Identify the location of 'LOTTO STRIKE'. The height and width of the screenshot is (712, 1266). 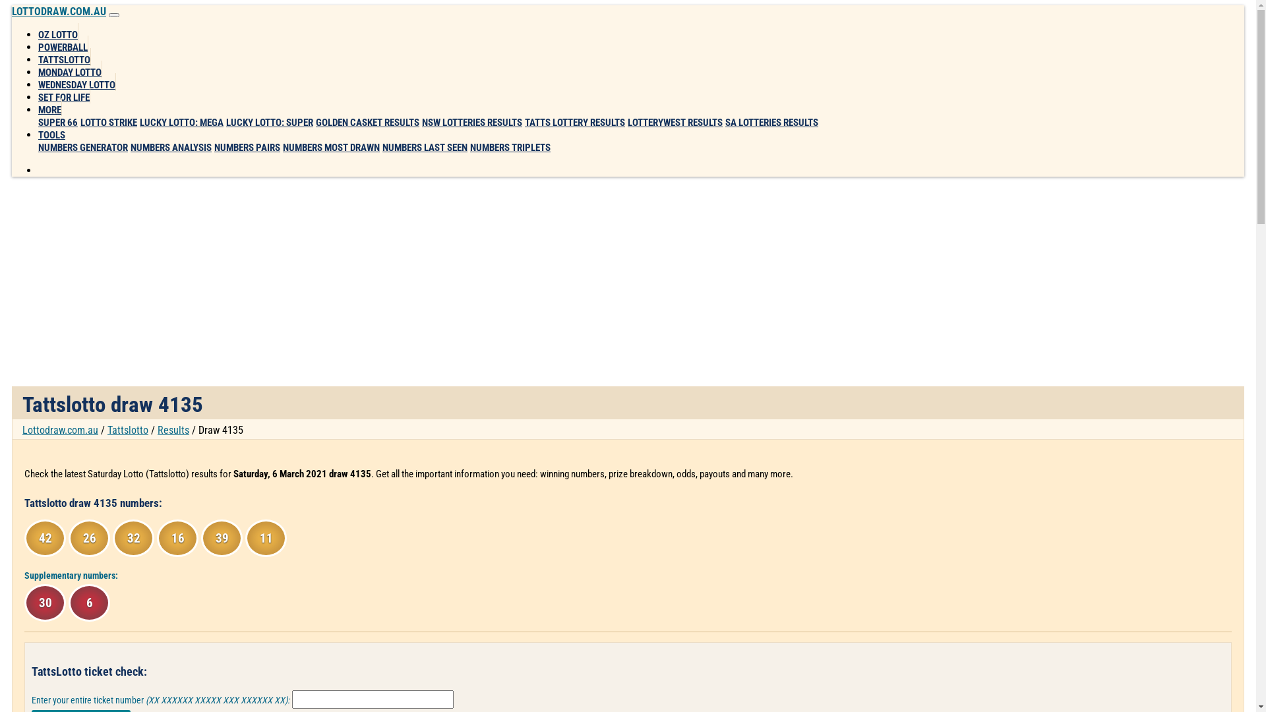
(108, 122).